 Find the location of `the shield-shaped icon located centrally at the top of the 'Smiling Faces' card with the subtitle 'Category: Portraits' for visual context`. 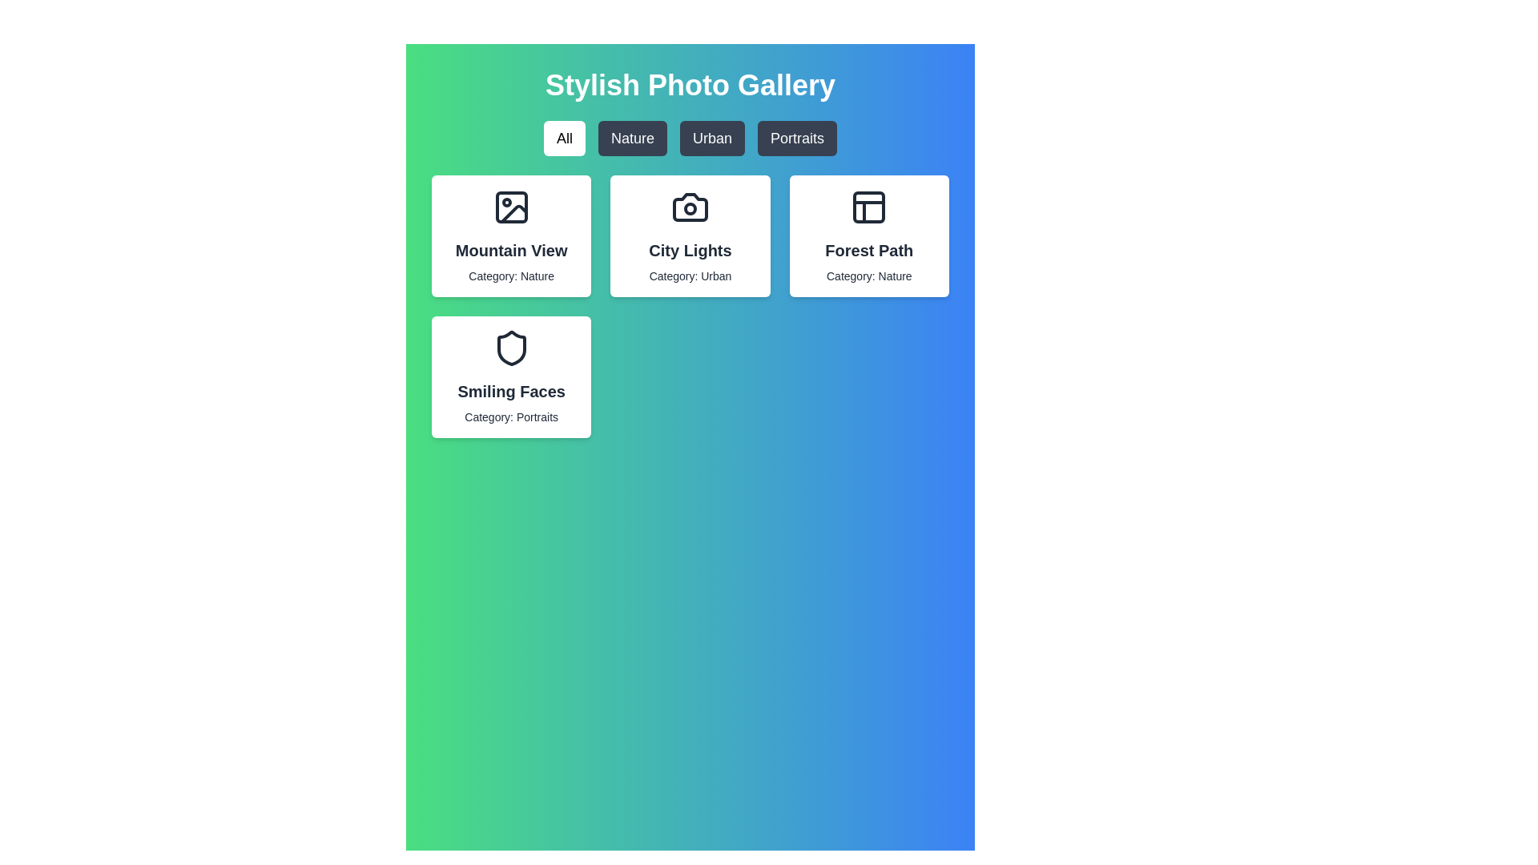

the shield-shaped icon located centrally at the top of the 'Smiling Faces' card with the subtitle 'Category: Portraits' for visual context is located at coordinates (510, 348).